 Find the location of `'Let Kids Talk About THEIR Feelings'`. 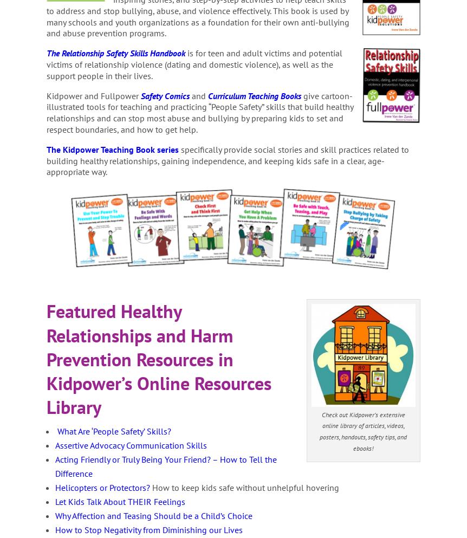

'Let Kids Talk About THEIR Feelings' is located at coordinates (119, 501).